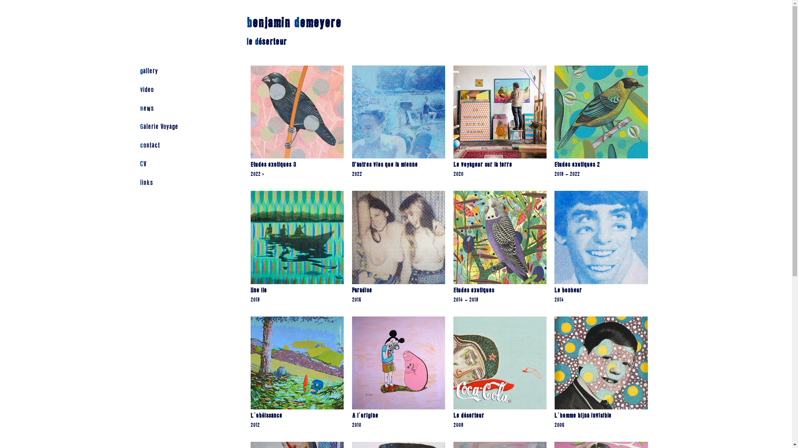  Describe the element at coordinates (297, 124) in the screenshot. I see `'Etudes exotiques 3` at that location.